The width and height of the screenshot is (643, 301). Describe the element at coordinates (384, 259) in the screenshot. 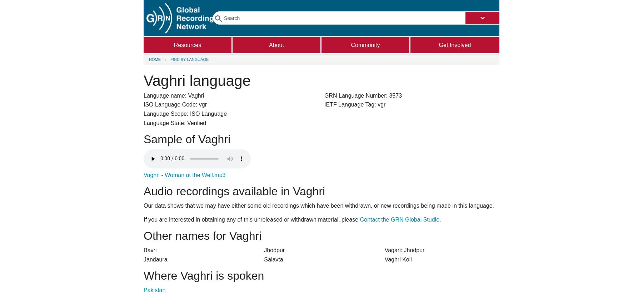

I see `'Vaghri Koli'` at that location.